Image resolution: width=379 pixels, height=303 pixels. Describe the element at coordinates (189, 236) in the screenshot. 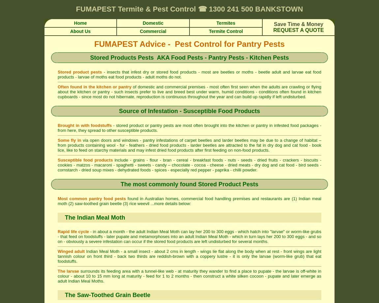

I see `'- in about a  month - the adult Indian Meal Moth can lay her 200 to 300  eggs - which hatch into "larvae" or worm-like grubs - that  feed on foodstuffs - later pupate and metamorphoses into an adult Indian Meal Moth - which in turn  lays her 200 to 300 eggs - and so on - obviously a severe infestation can occur if the stored food products are left undisturbed for several months.'` at that location.